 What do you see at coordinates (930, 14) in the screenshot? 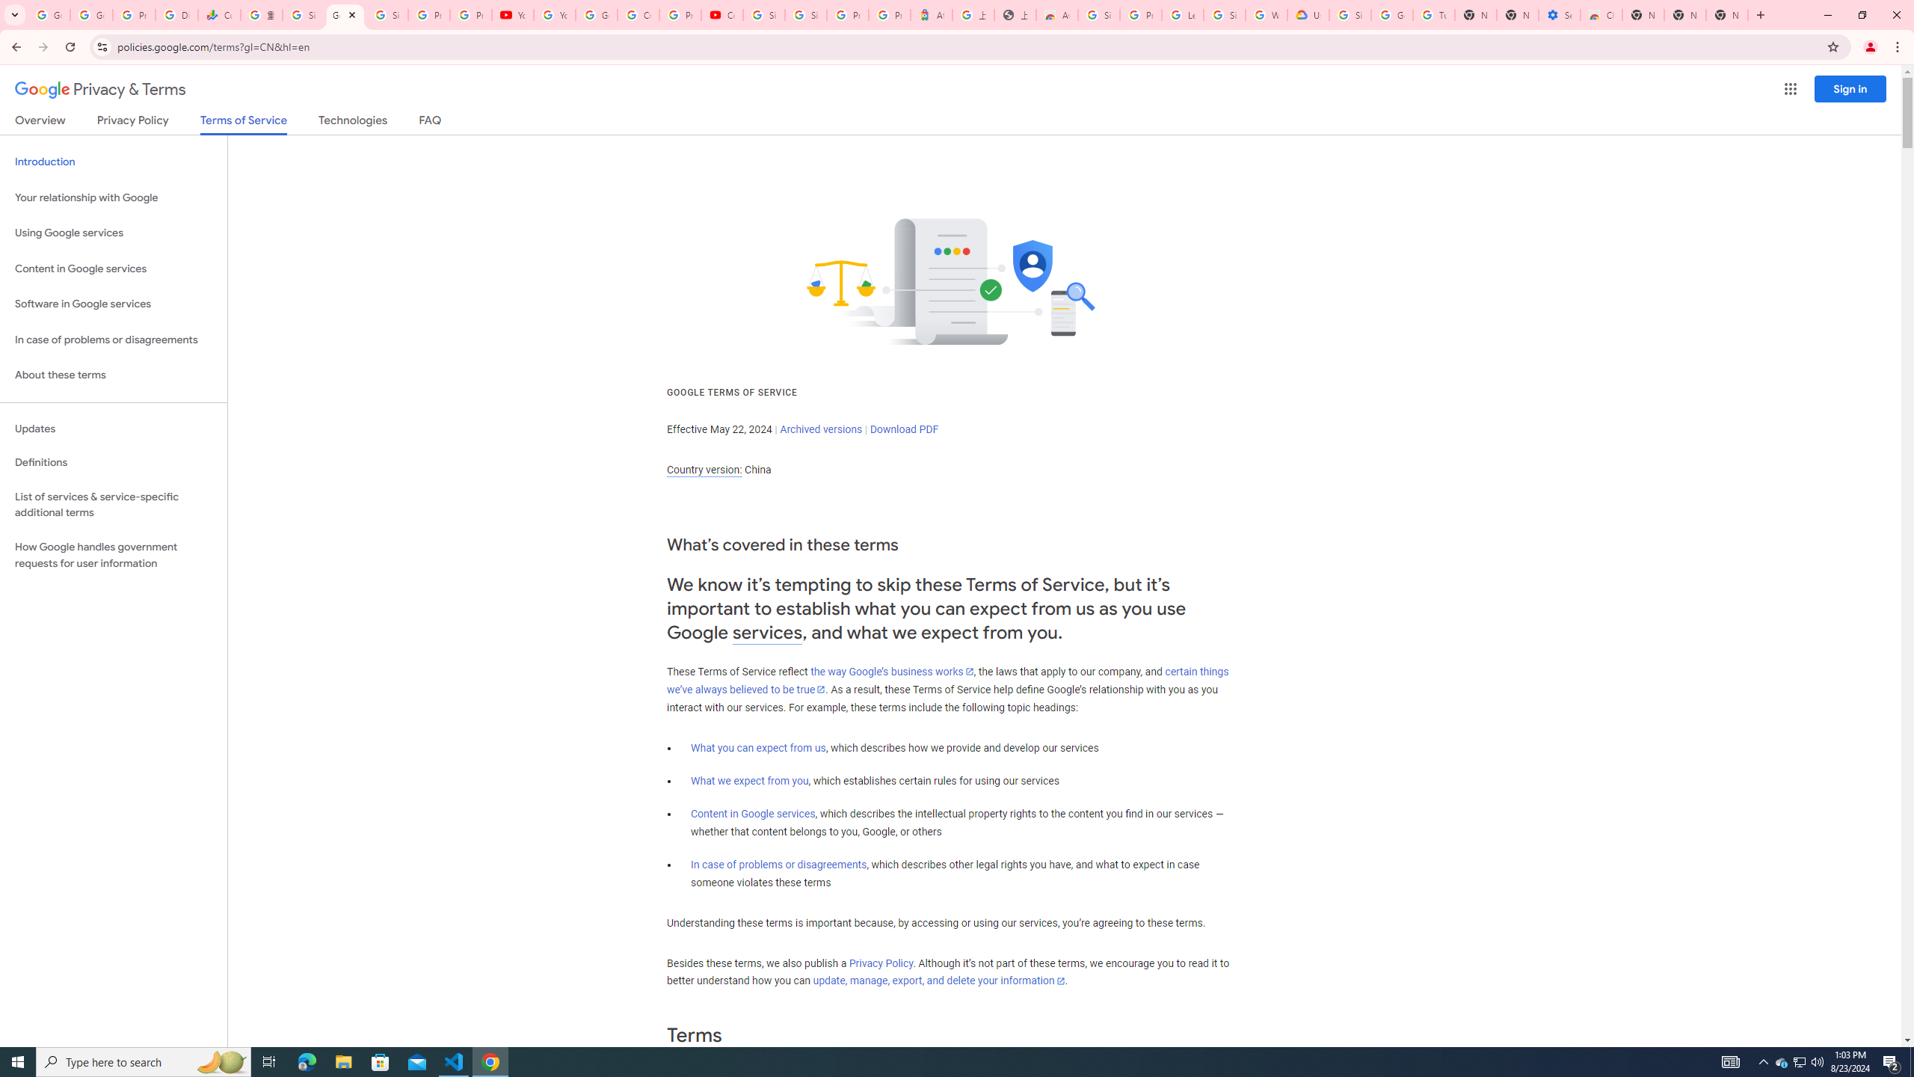
I see `'Atour Hotel - Google hotels'` at bounding box center [930, 14].